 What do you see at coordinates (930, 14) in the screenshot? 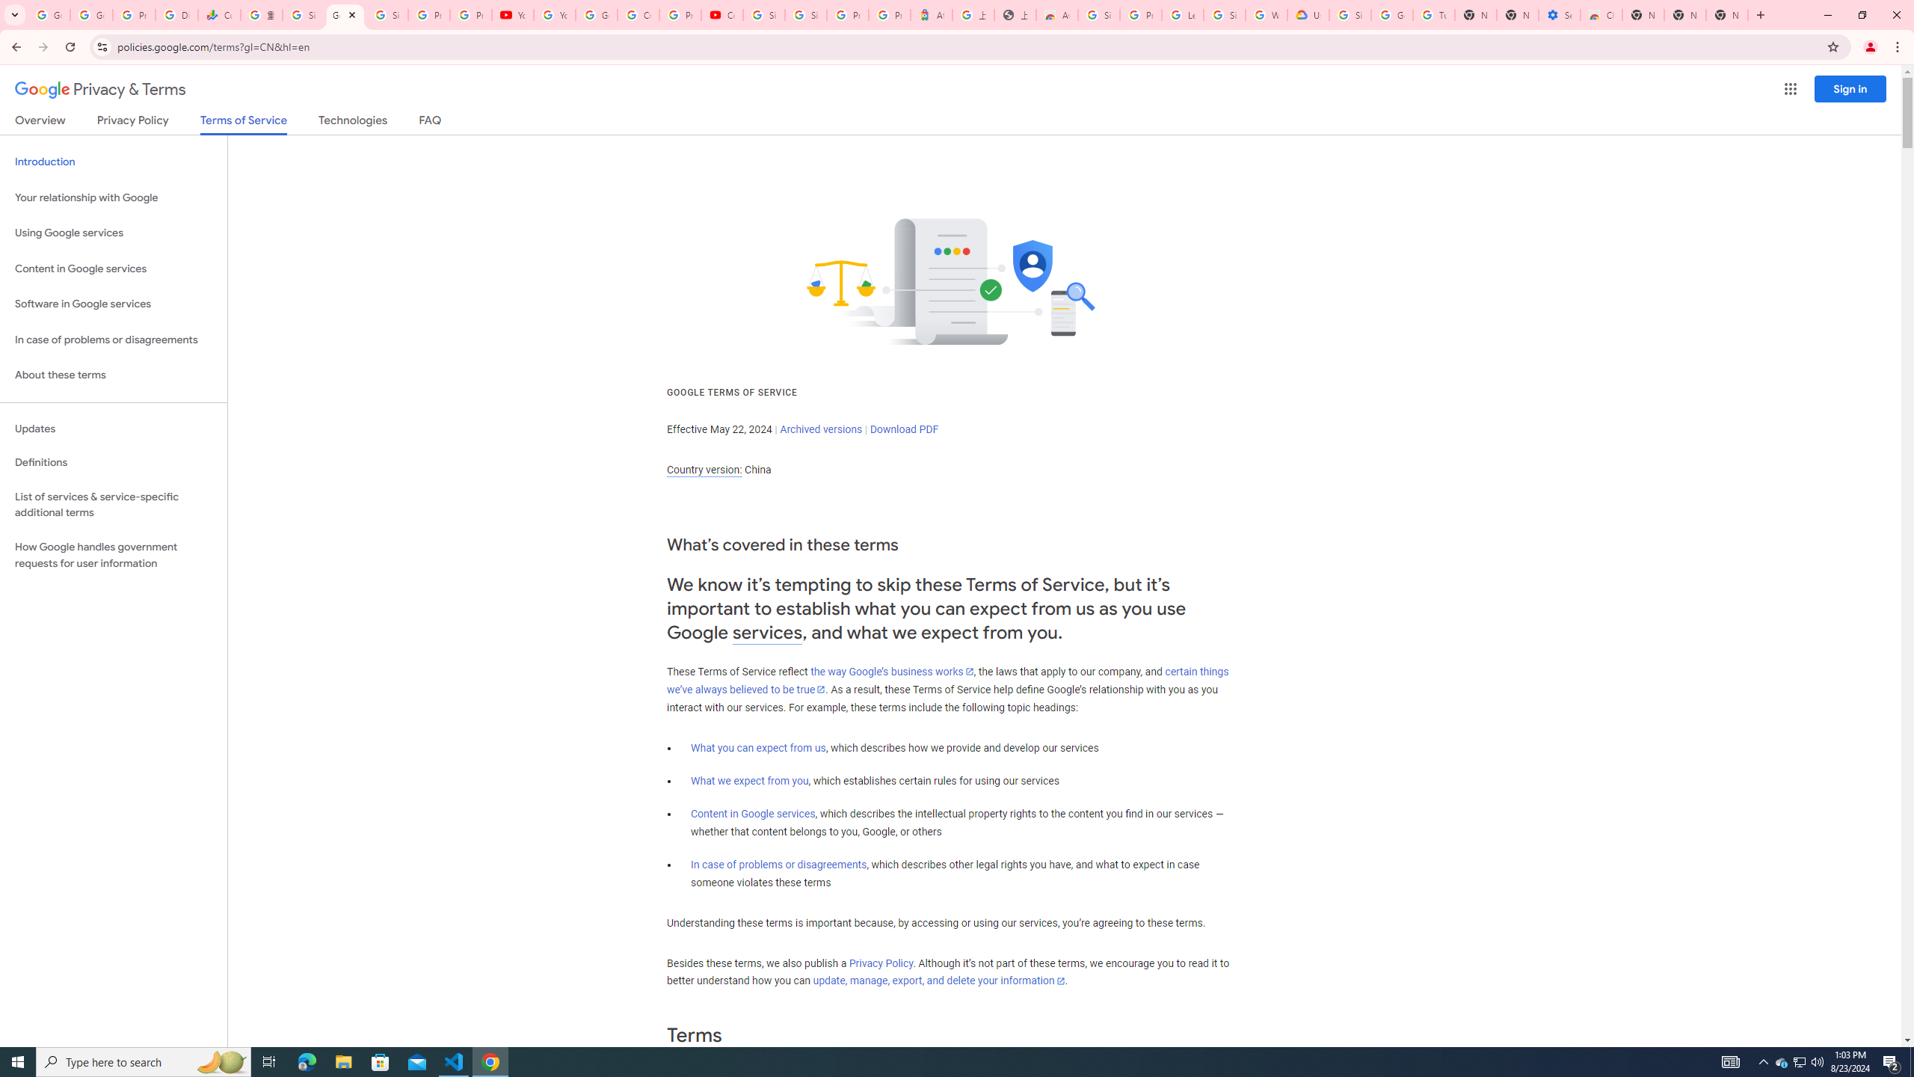
I see `'Atour Hotel - Google hotels'` at bounding box center [930, 14].